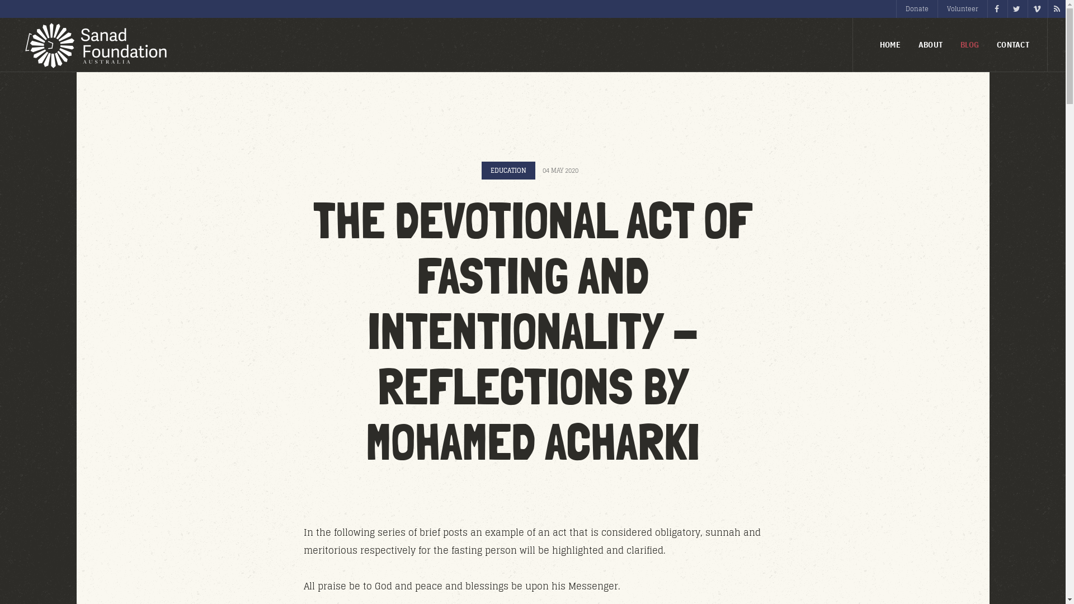  Describe the element at coordinates (1028, 8) in the screenshot. I see `'vimeo'` at that location.